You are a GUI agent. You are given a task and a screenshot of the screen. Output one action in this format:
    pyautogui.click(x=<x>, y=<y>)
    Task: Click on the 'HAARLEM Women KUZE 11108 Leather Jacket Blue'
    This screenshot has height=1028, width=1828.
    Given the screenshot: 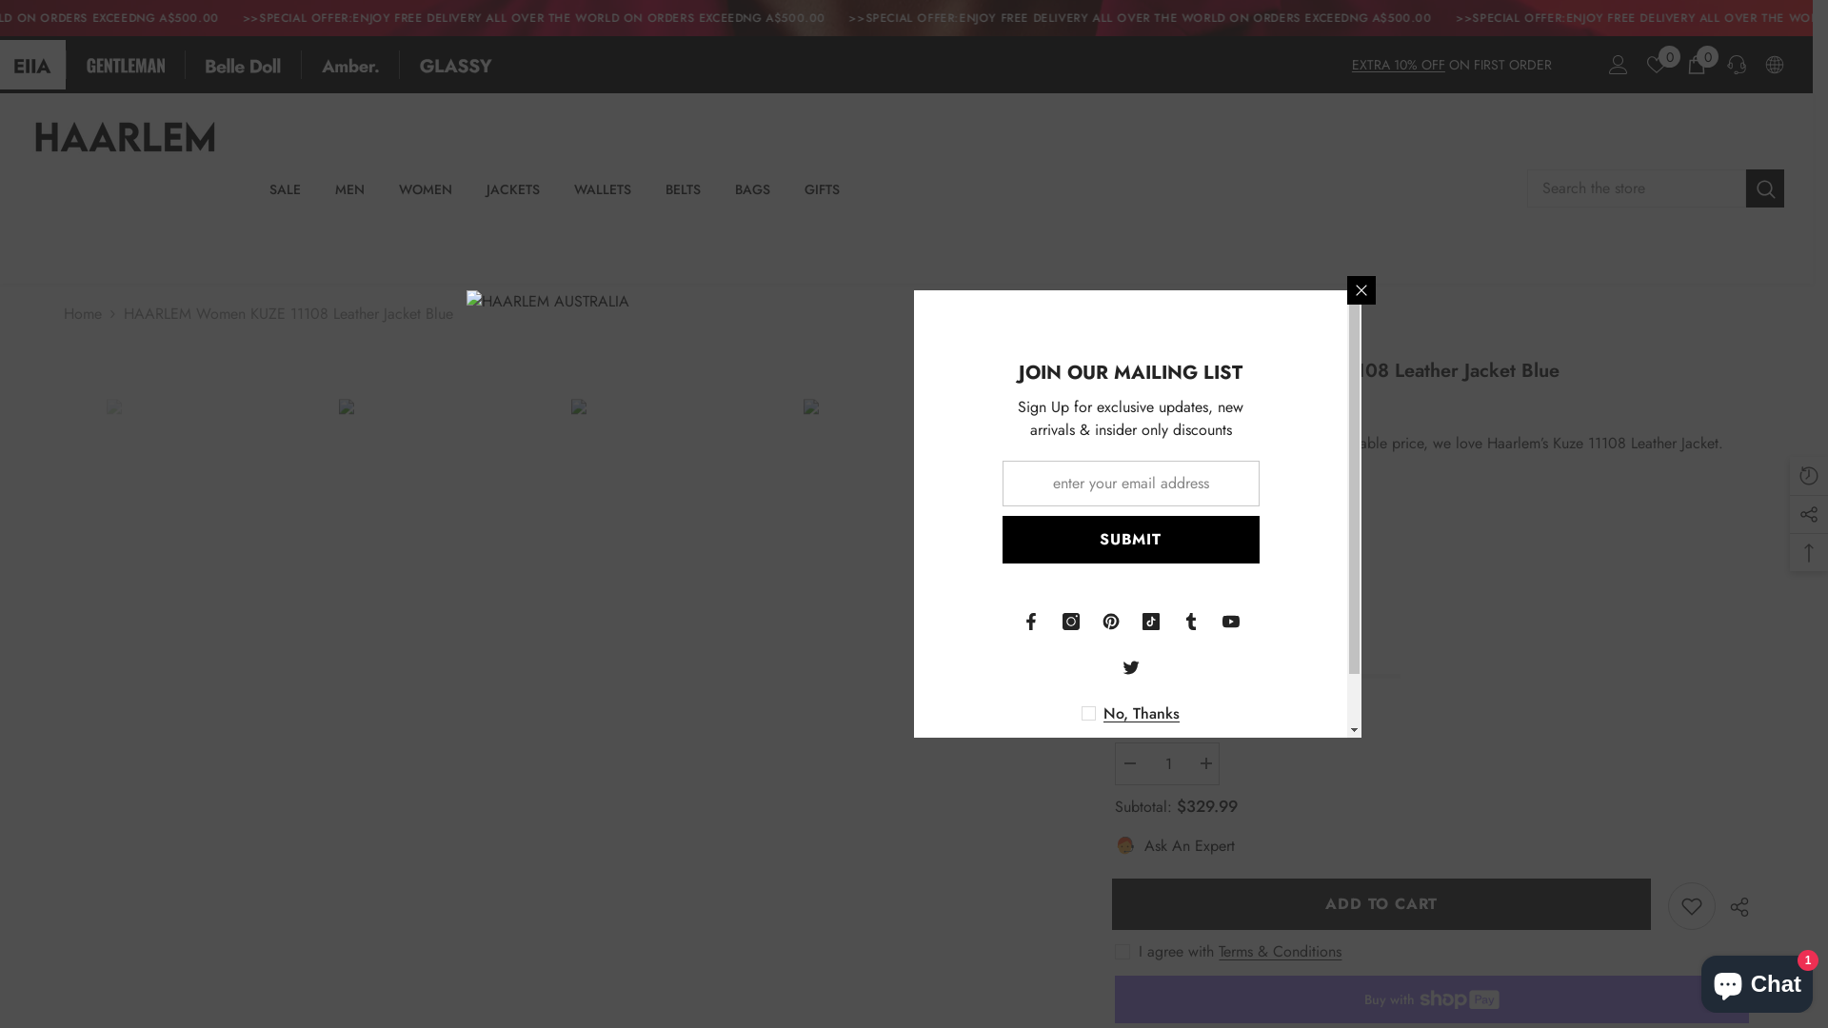 What is the action you would take?
    pyautogui.click(x=213, y=557)
    